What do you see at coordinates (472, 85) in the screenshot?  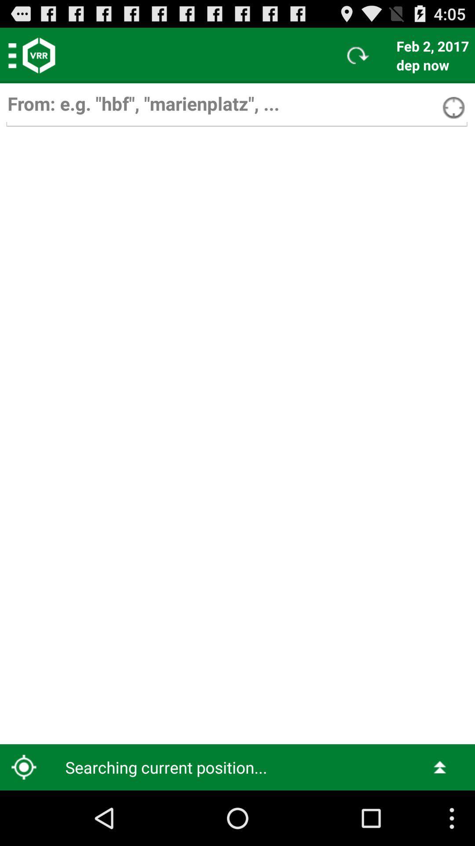 I see `item below dep now icon` at bounding box center [472, 85].